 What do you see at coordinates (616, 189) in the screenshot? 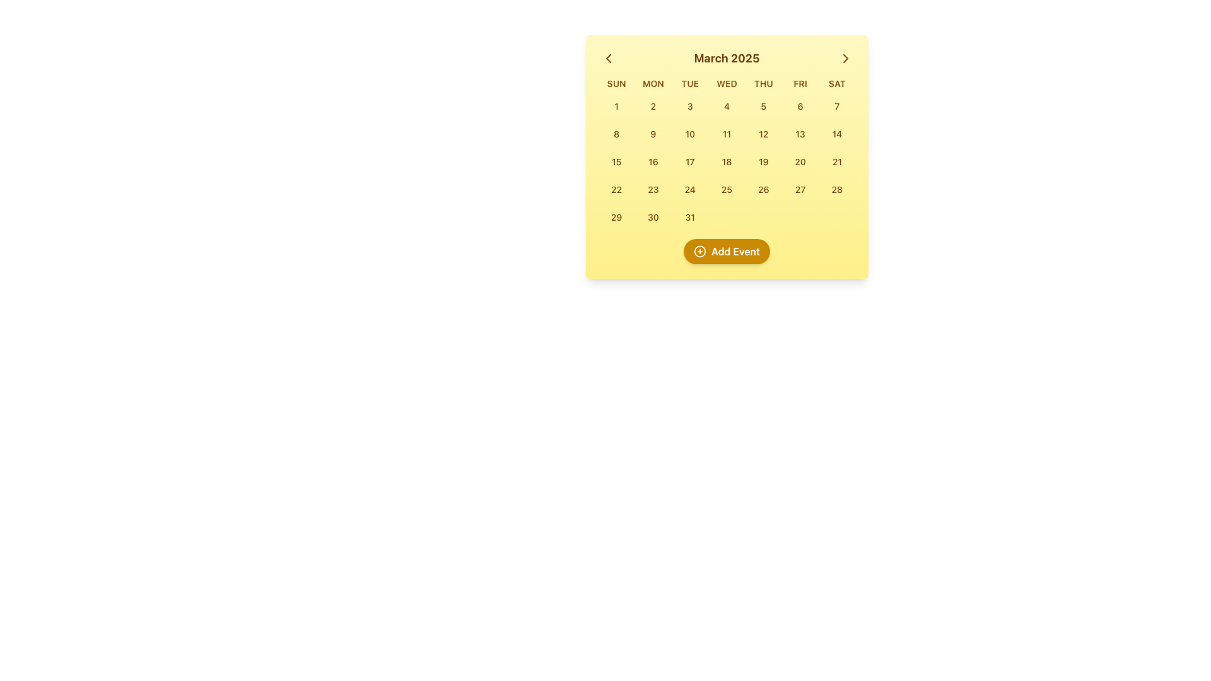
I see `the text label displaying '22' in the calendar component` at bounding box center [616, 189].